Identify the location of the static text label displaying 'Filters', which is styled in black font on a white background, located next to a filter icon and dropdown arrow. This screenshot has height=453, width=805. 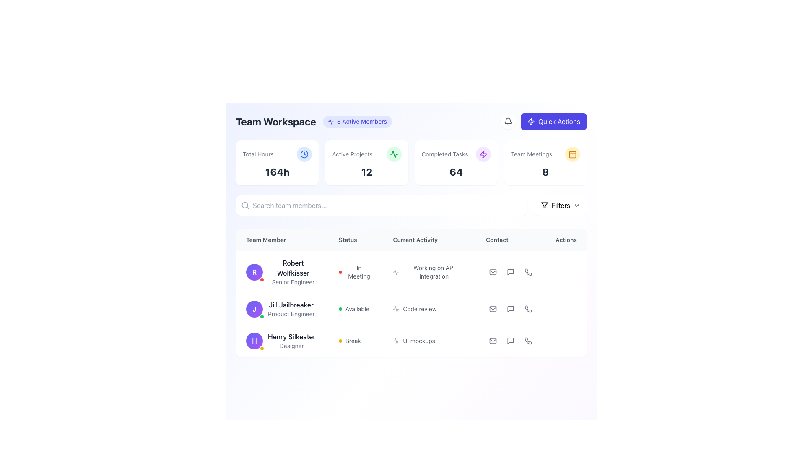
(561, 205).